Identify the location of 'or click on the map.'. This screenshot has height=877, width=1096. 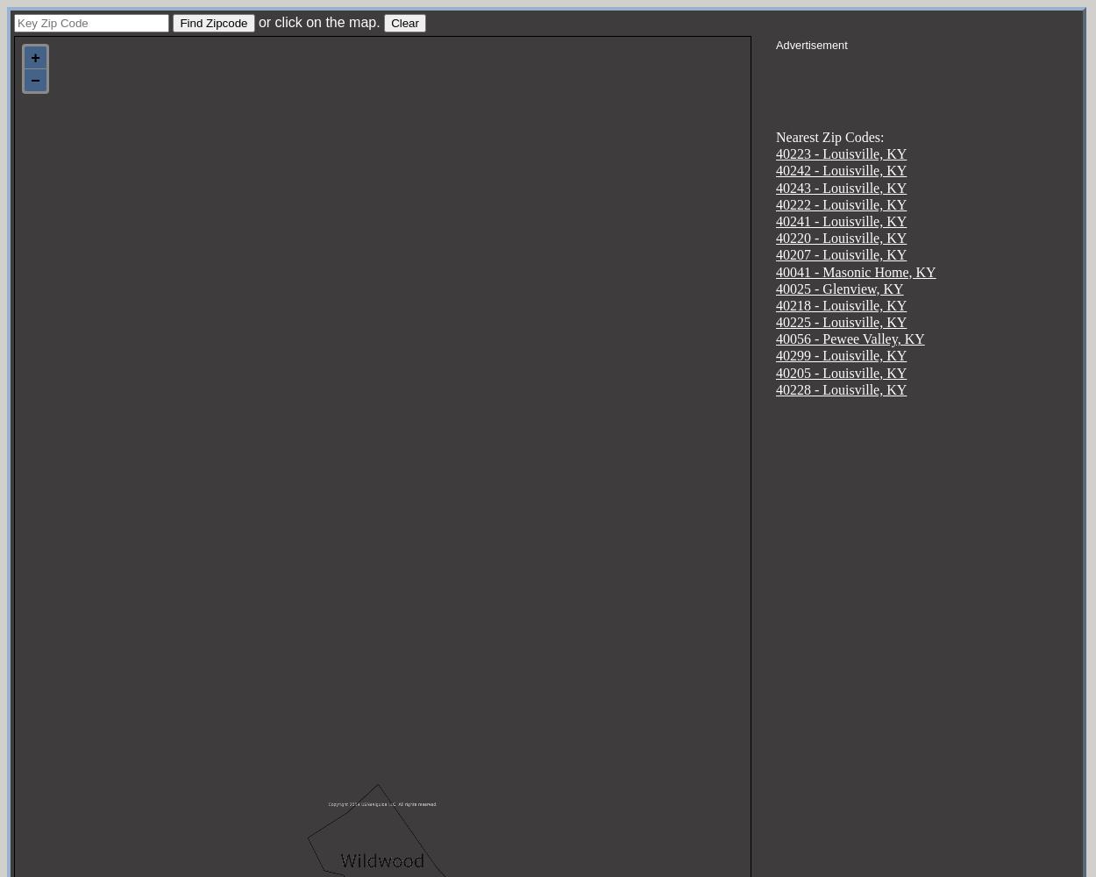
(318, 22).